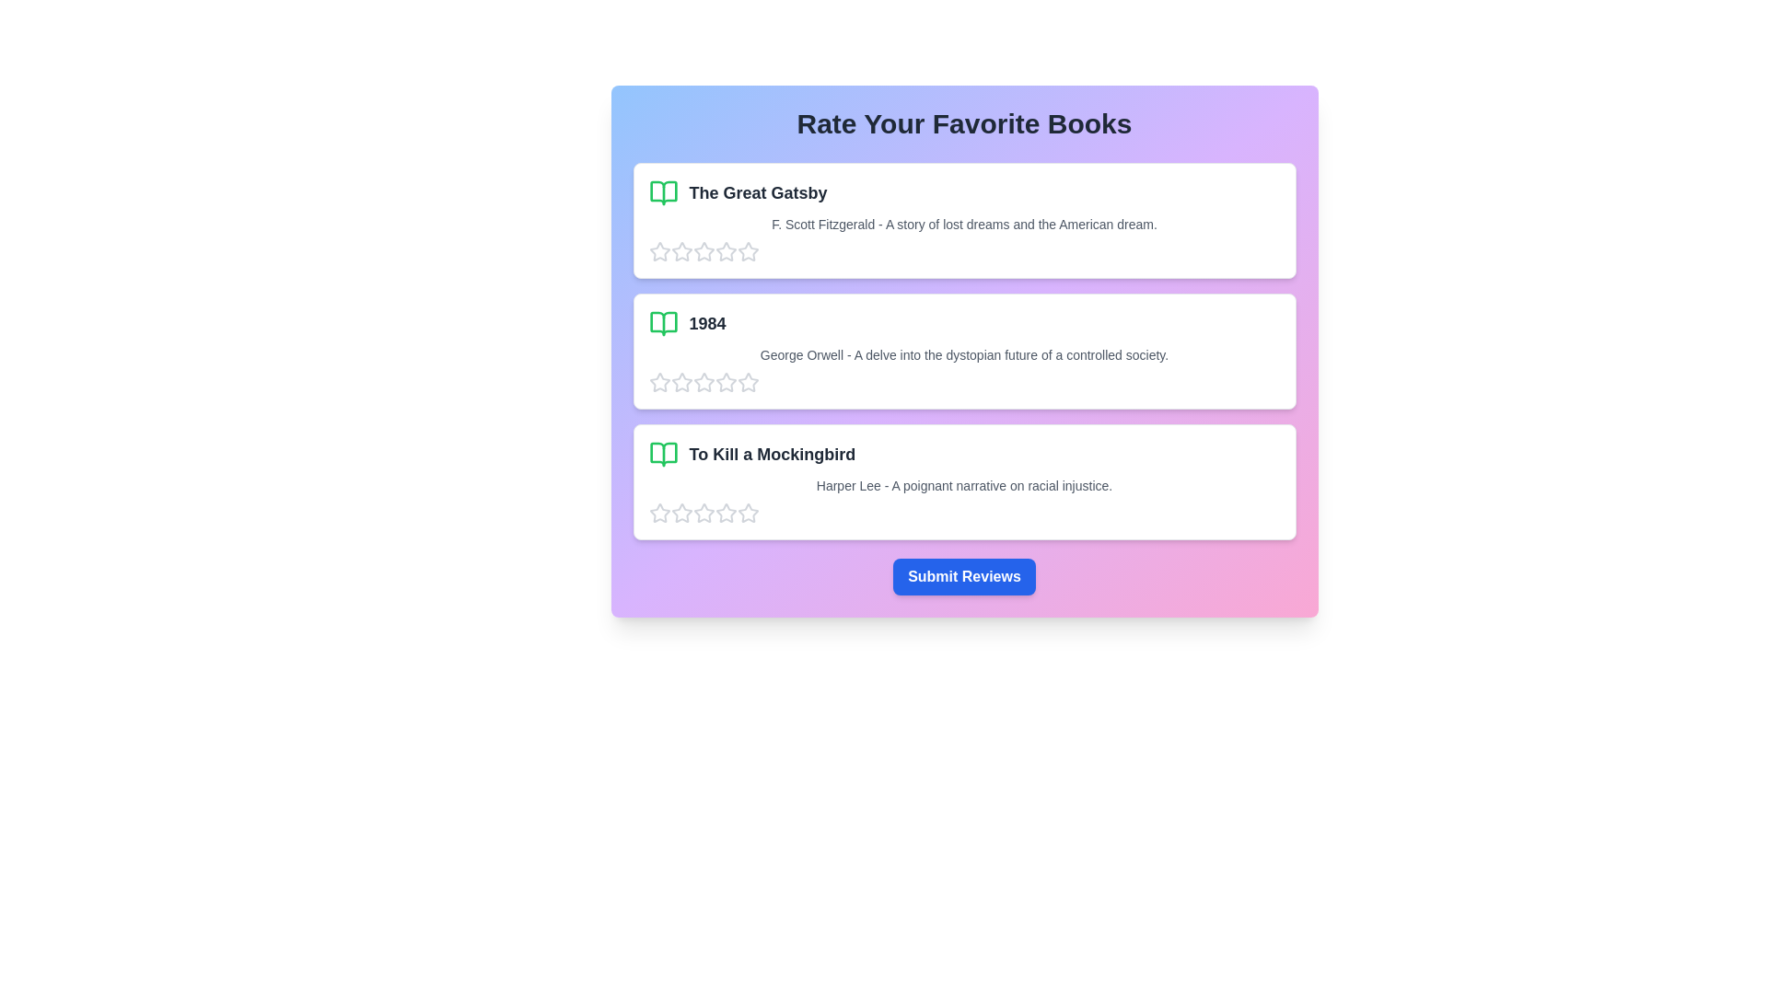  What do you see at coordinates (703, 382) in the screenshot?
I see `the star corresponding to 3 for the book titled 1984` at bounding box center [703, 382].